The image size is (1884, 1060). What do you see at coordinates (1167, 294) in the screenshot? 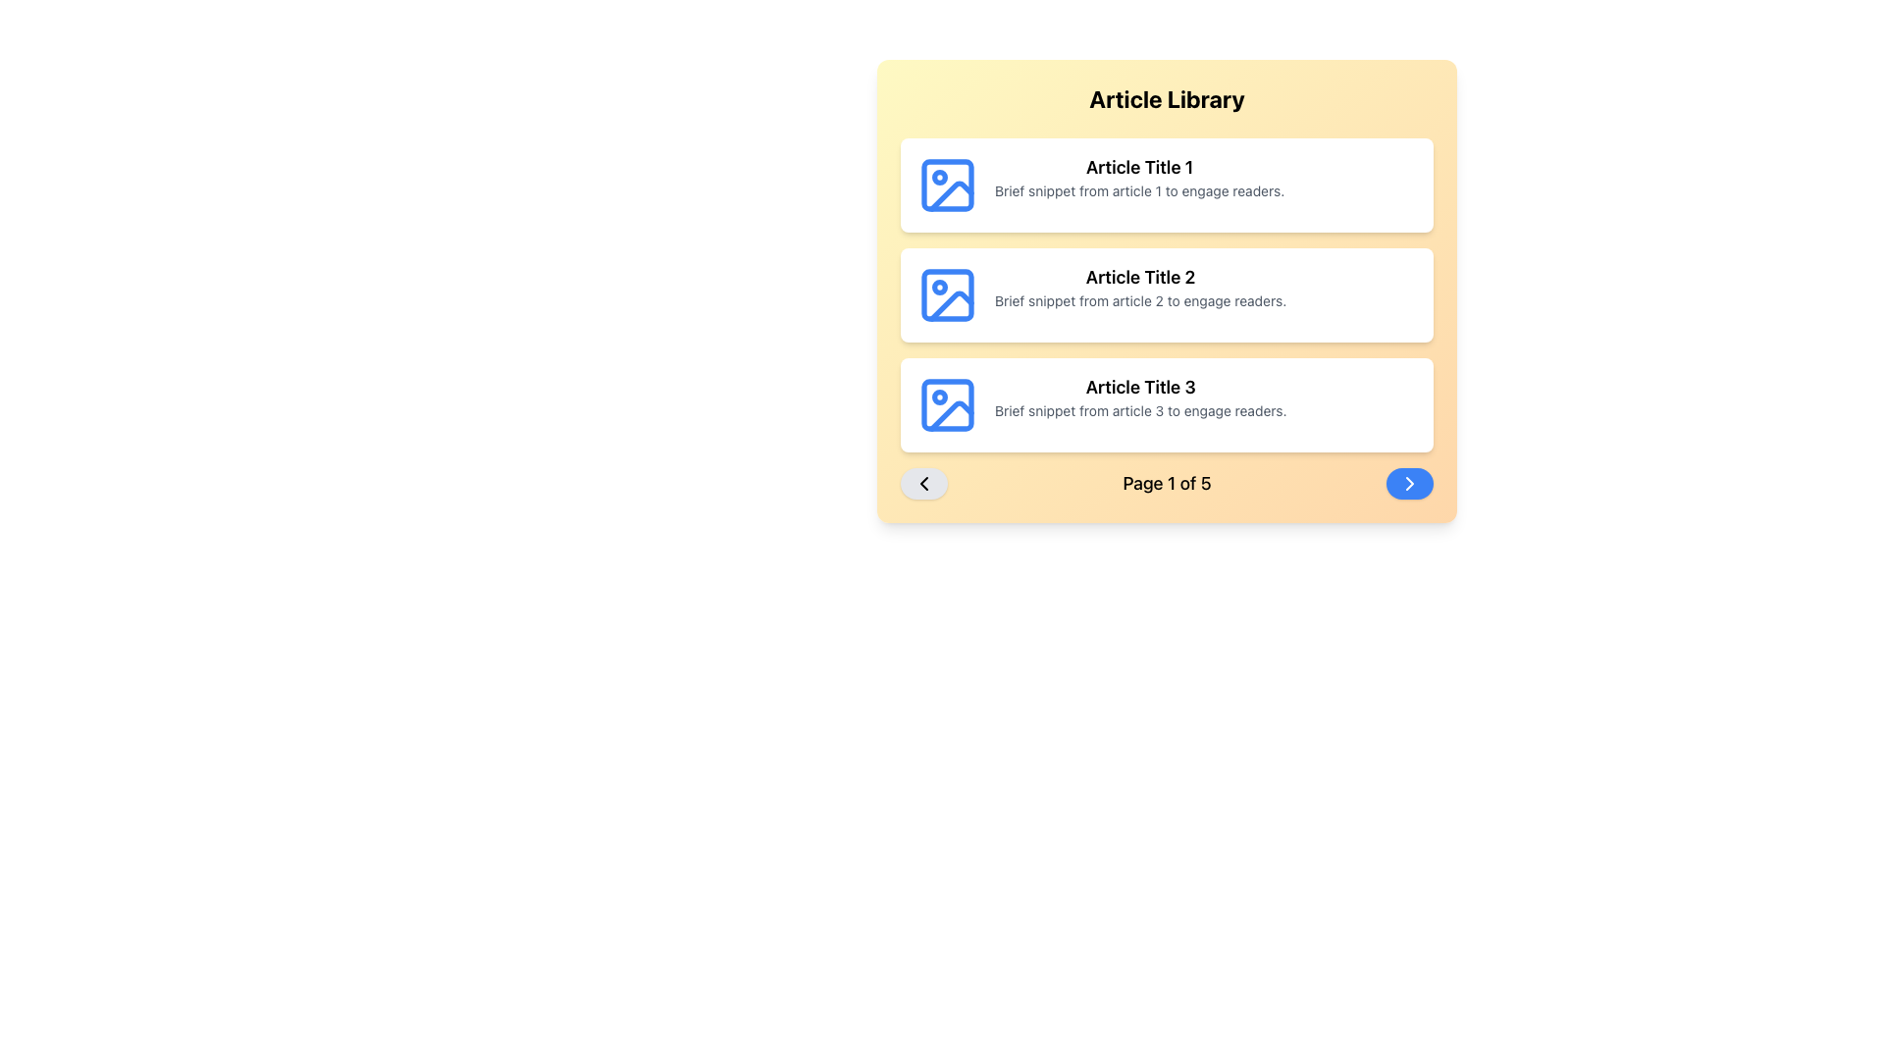
I see `the List Group element that contains article previews, located directly below the 'Article Library' heading` at bounding box center [1167, 294].